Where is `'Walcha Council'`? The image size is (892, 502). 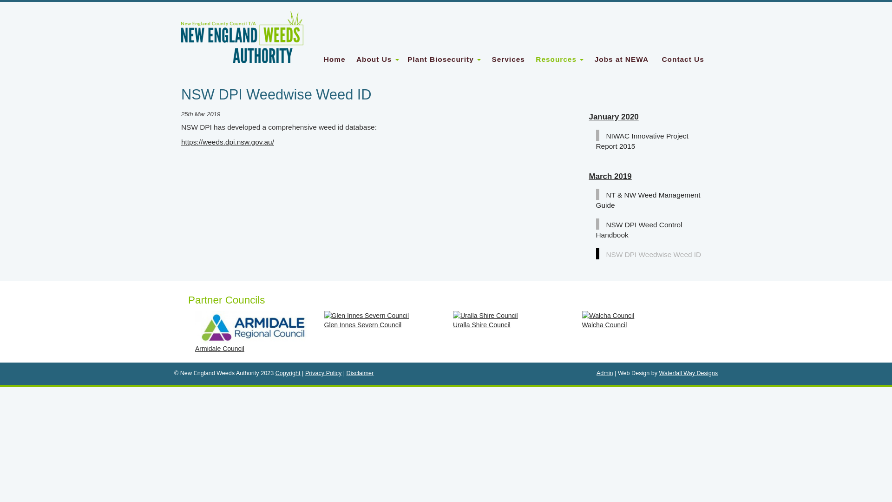 'Walcha Council' is located at coordinates (581, 320).